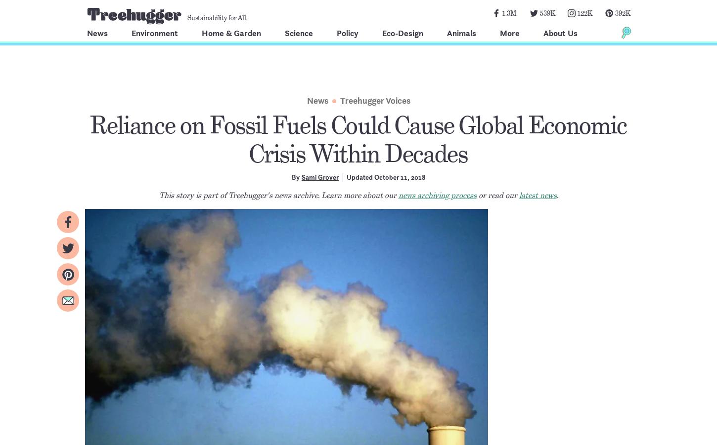 This screenshot has height=445, width=717. Describe the element at coordinates (217, 17) in the screenshot. I see `'Sustainability for All.'` at that location.